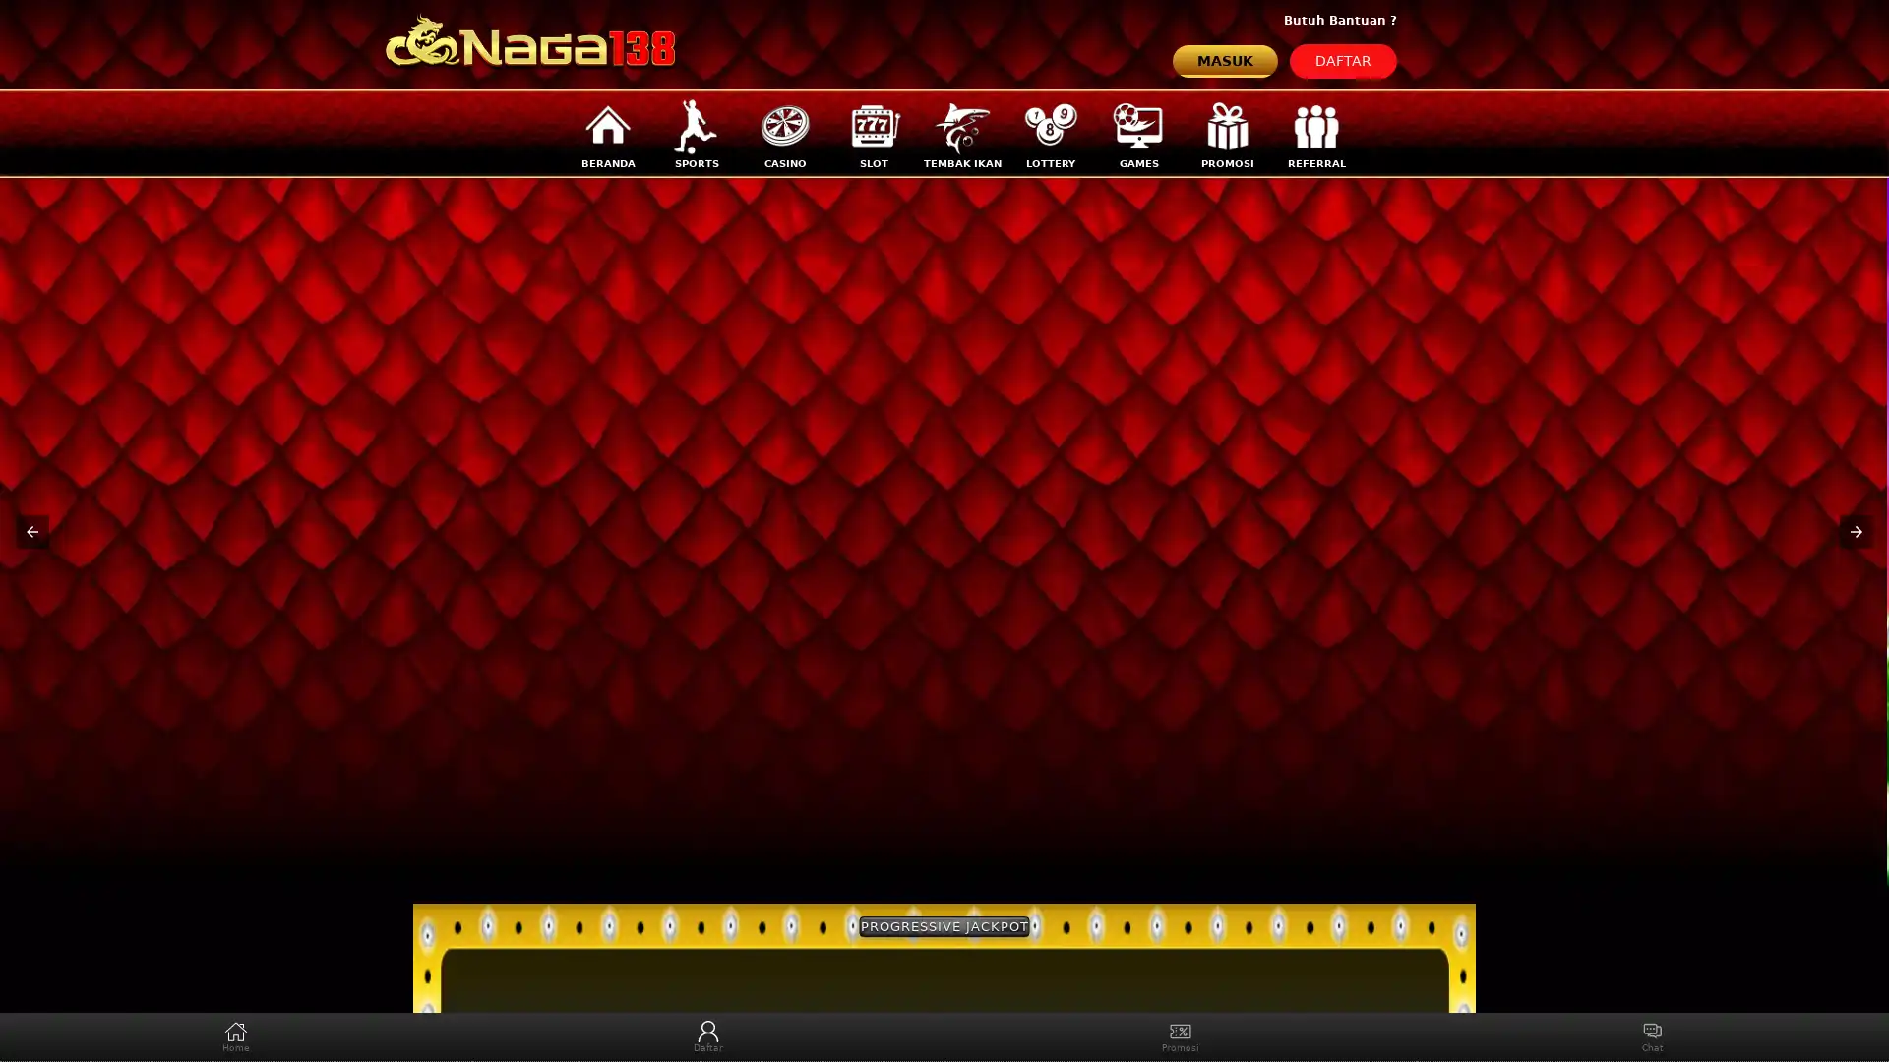  I want to click on Previous item in carousel (2 of 4), so click(32, 531).